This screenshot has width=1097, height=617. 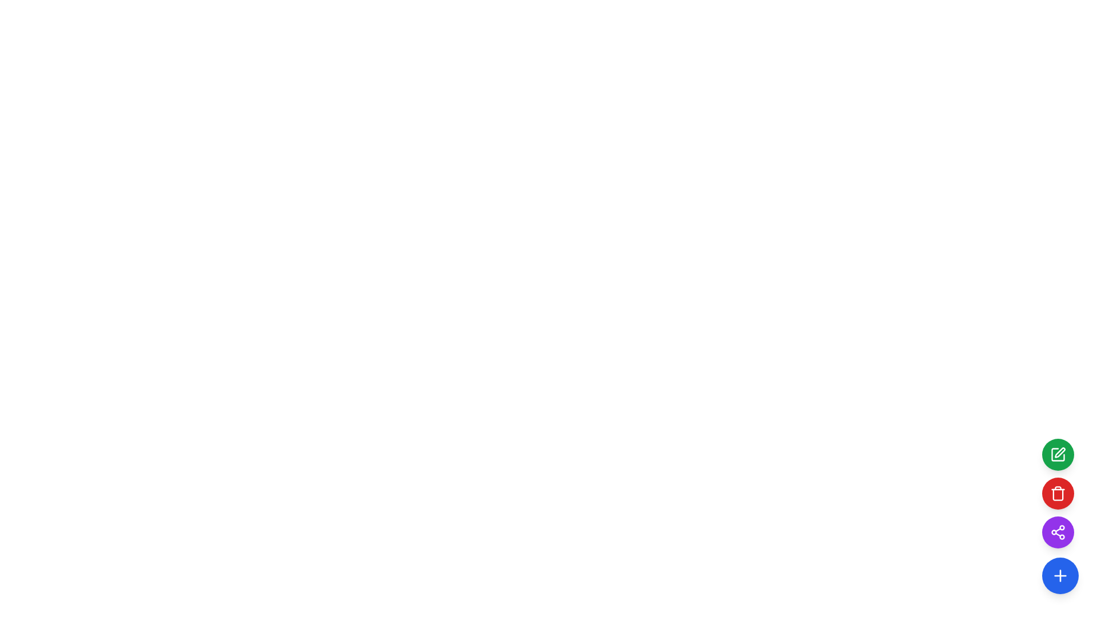 I want to click on the circular red button with a white trashcan icon, which is the second button in a vertical stack of three, so click(x=1058, y=493).